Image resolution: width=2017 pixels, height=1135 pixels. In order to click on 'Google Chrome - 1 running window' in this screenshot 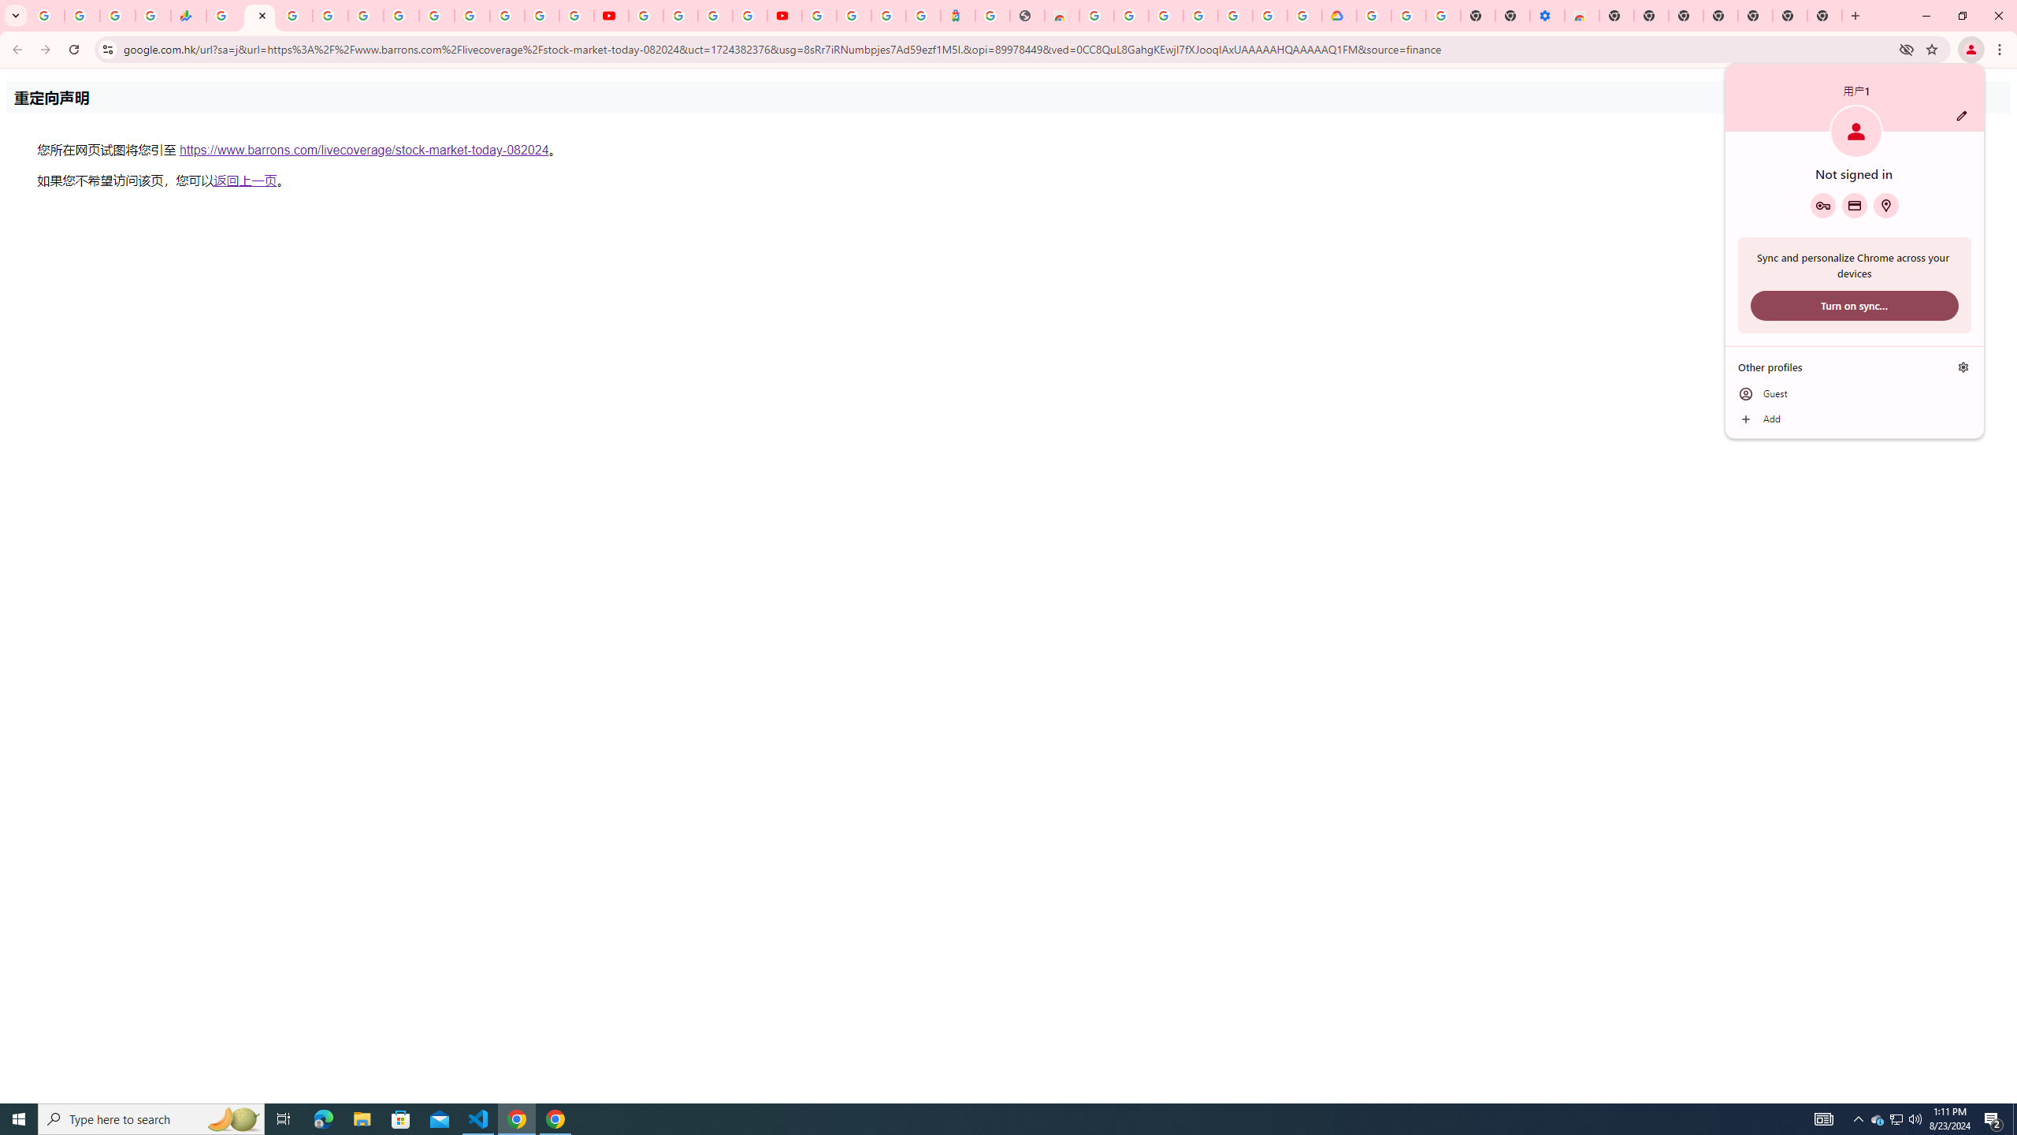, I will do `click(555, 1118)`.